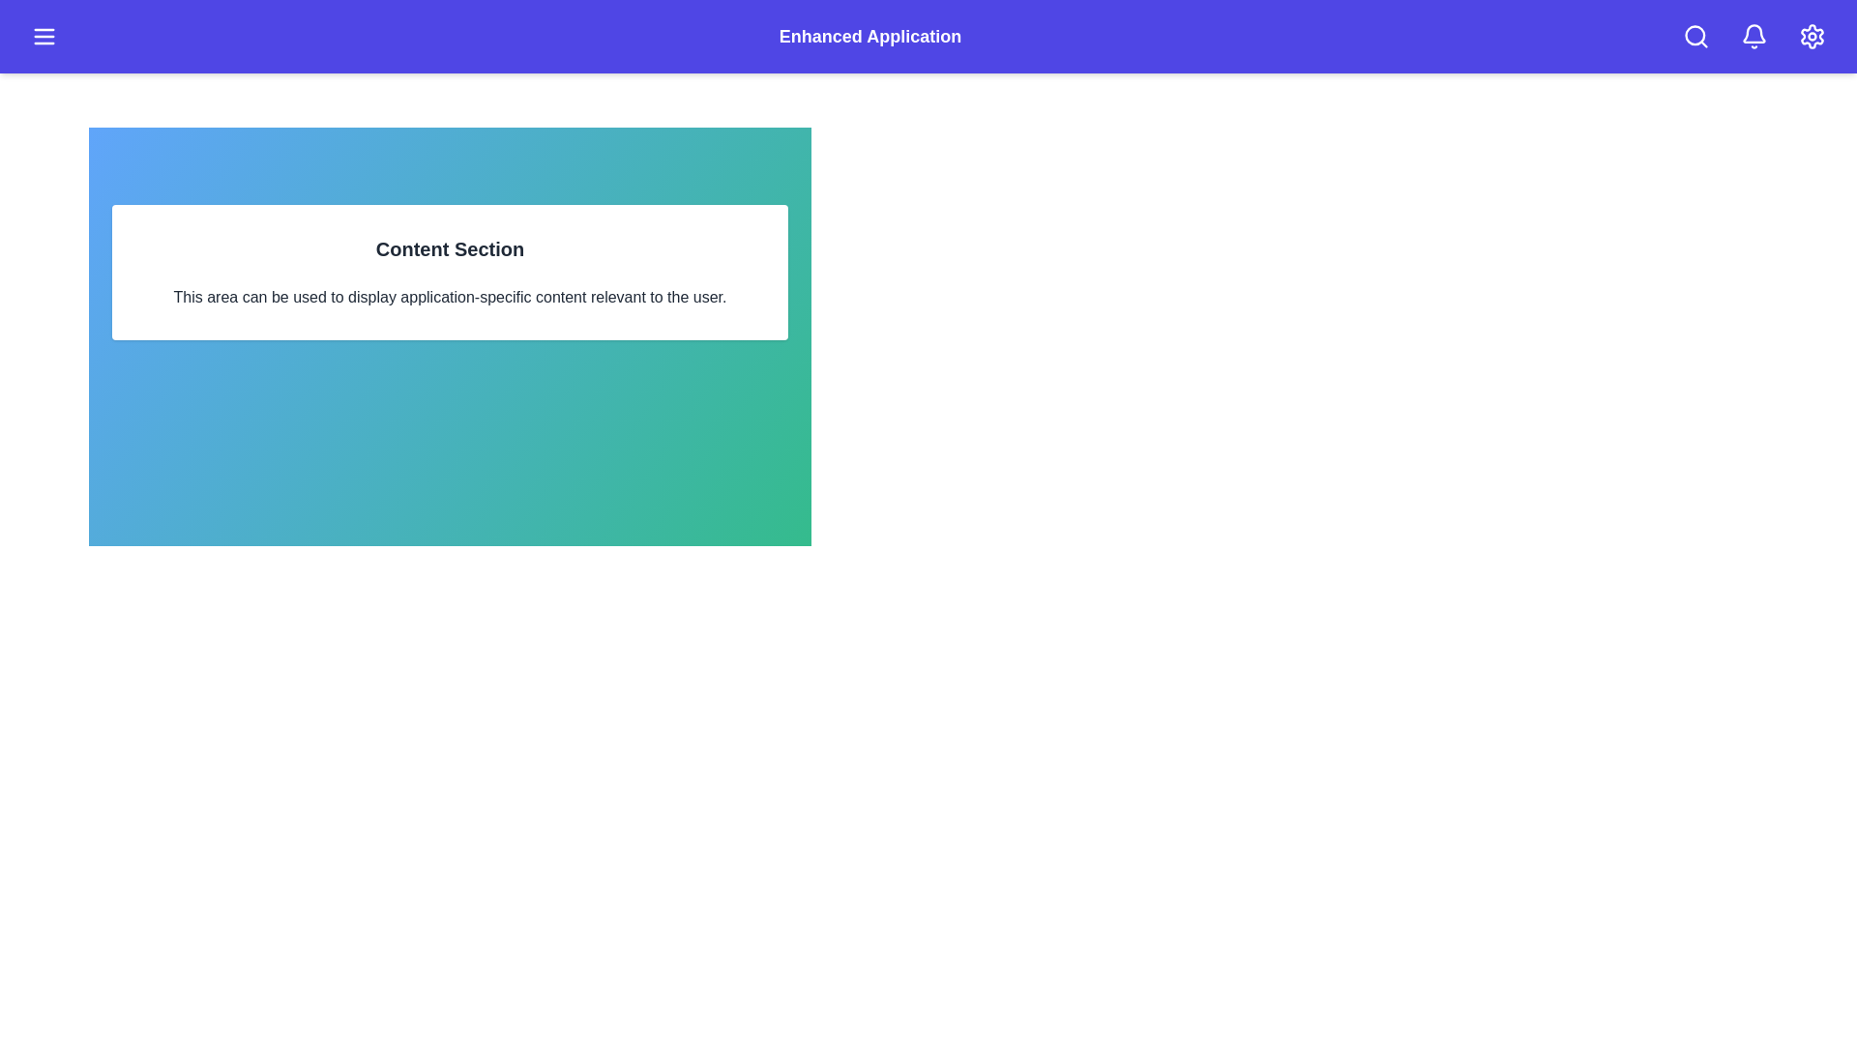 The image size is (1857, 1044). What do you see at coordinates (1754, 37) in the screenshot?
I see `the bell icon to view notifications` at bounding box center [1754, 37].